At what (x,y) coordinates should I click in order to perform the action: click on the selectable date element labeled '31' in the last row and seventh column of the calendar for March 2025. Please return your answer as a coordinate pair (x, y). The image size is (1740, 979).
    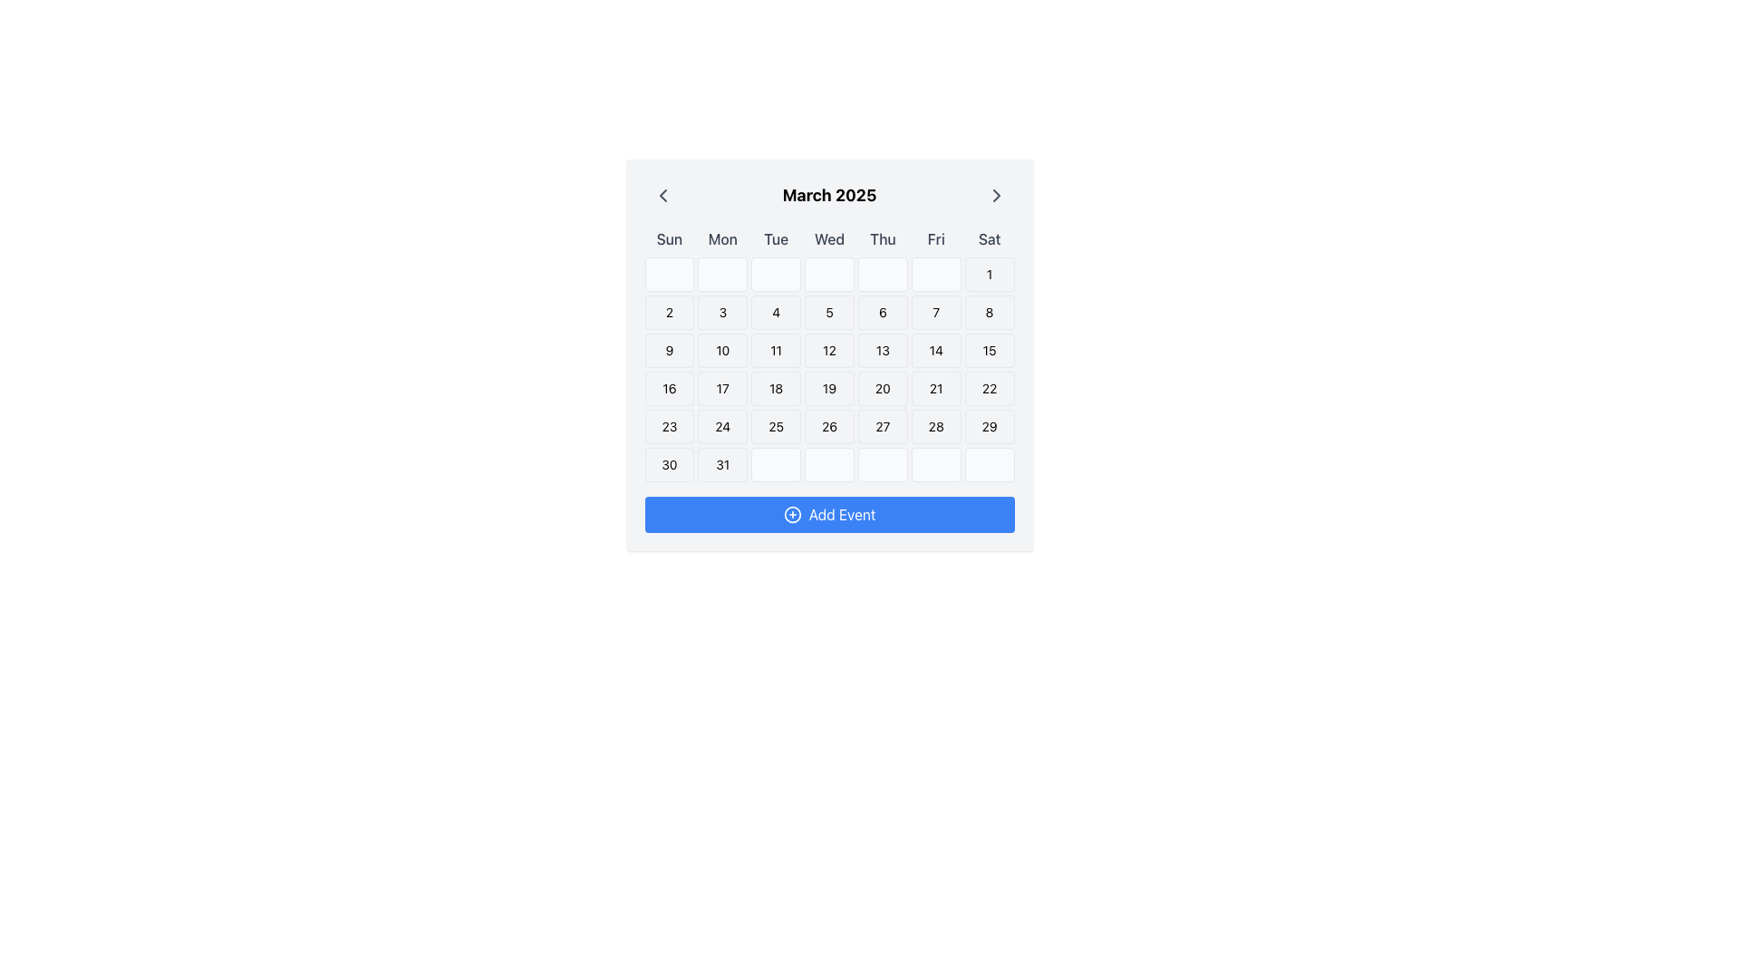
    Looking at the image, I should click on (721, 464).